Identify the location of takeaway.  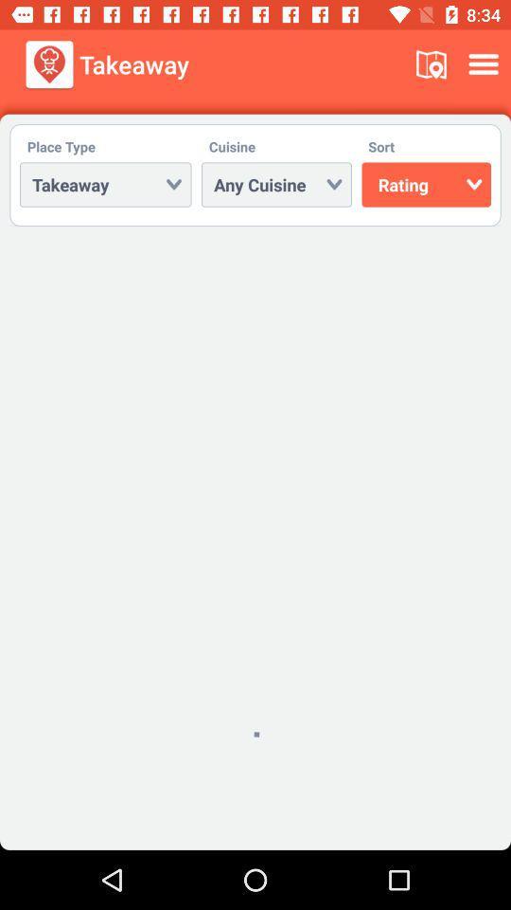
(105, 184).